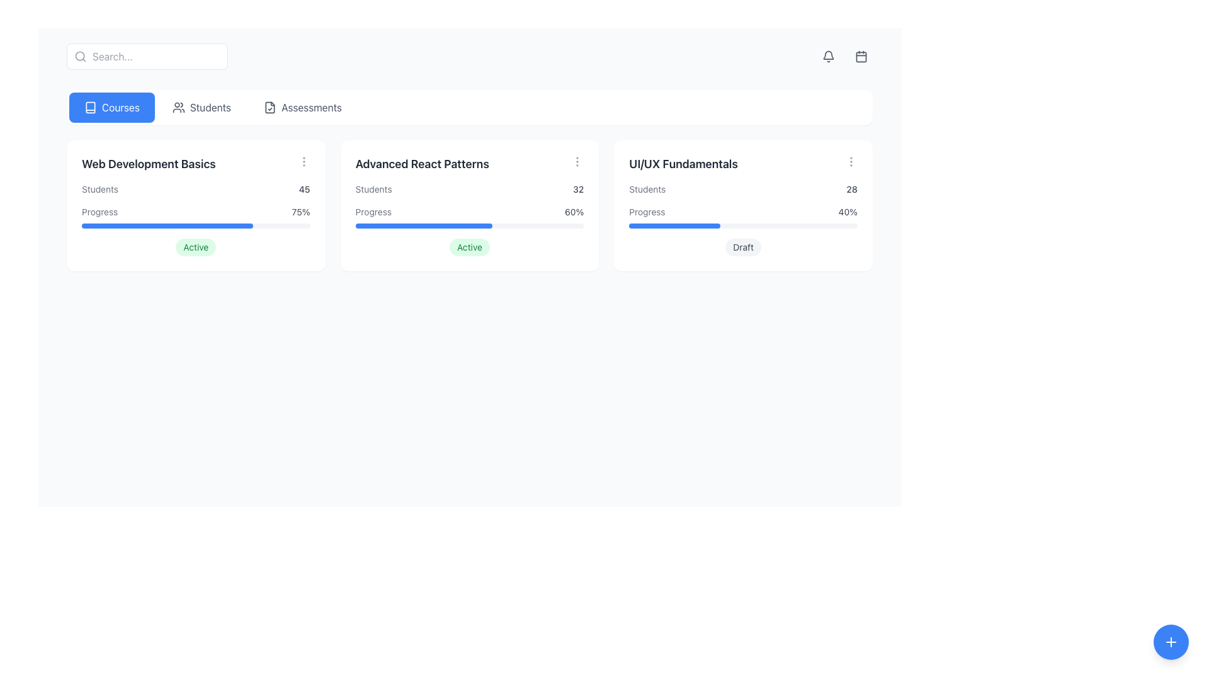 This screenshot has width=1209, height=680. What do you see at coordinates (468, 164) in the screenshot?
I see `the text header titled 'Advanced React Patterns' which is styled in a bold and large font at the top of a card layout in the center column of a three-column grid` at bounding box center [468, 164].